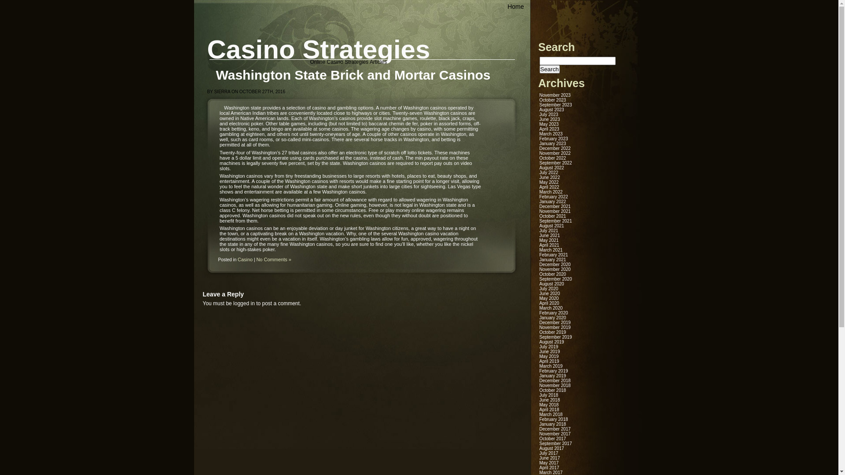 The image size is (845, 475). Describe the element at coordinates (551, 250) in the screenshot. I see `'March 2021'` at that location.